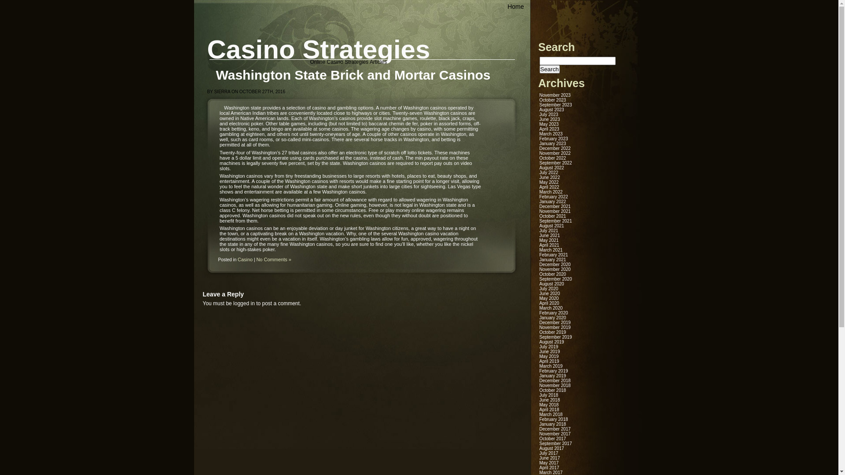 The image size is (845, 475). Describe the element at coordinates (551, 250) in the screenshot. I see `'March 2021'` at that location.